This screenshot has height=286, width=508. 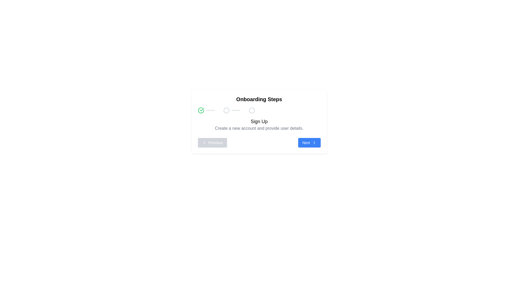 I want to click on the hollow circle icon, which serves as the second step indicator in the onboarding progress tracker, located in the middle of the progress bar, so click(x=226, y=110).